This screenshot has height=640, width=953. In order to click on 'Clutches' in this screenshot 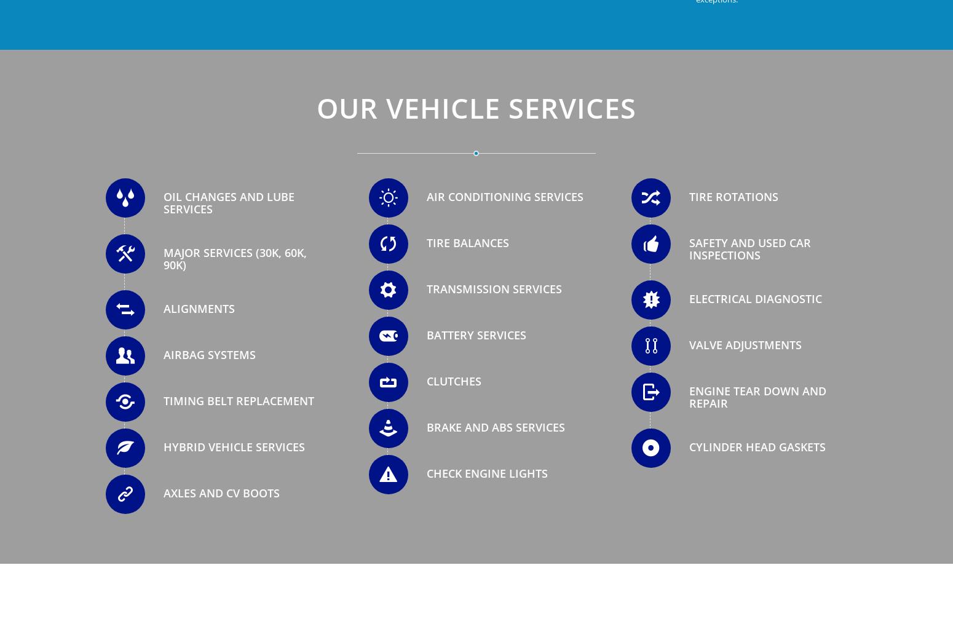, I will do `click(453, 381)`.